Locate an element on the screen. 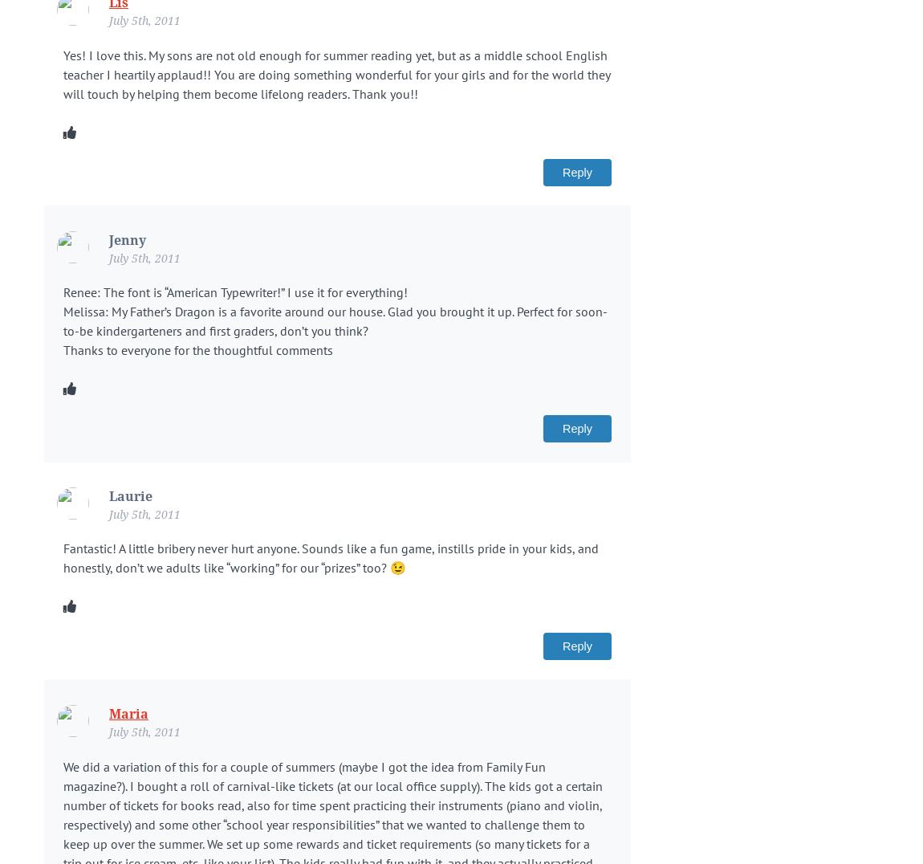  'Melissa: My Father’s Dragon is a favorite around our house. Glad you brought it up. Perfect for soon-to-be kindergarteners and first graders, don’t you think?' is located at coordinates (335, 320).